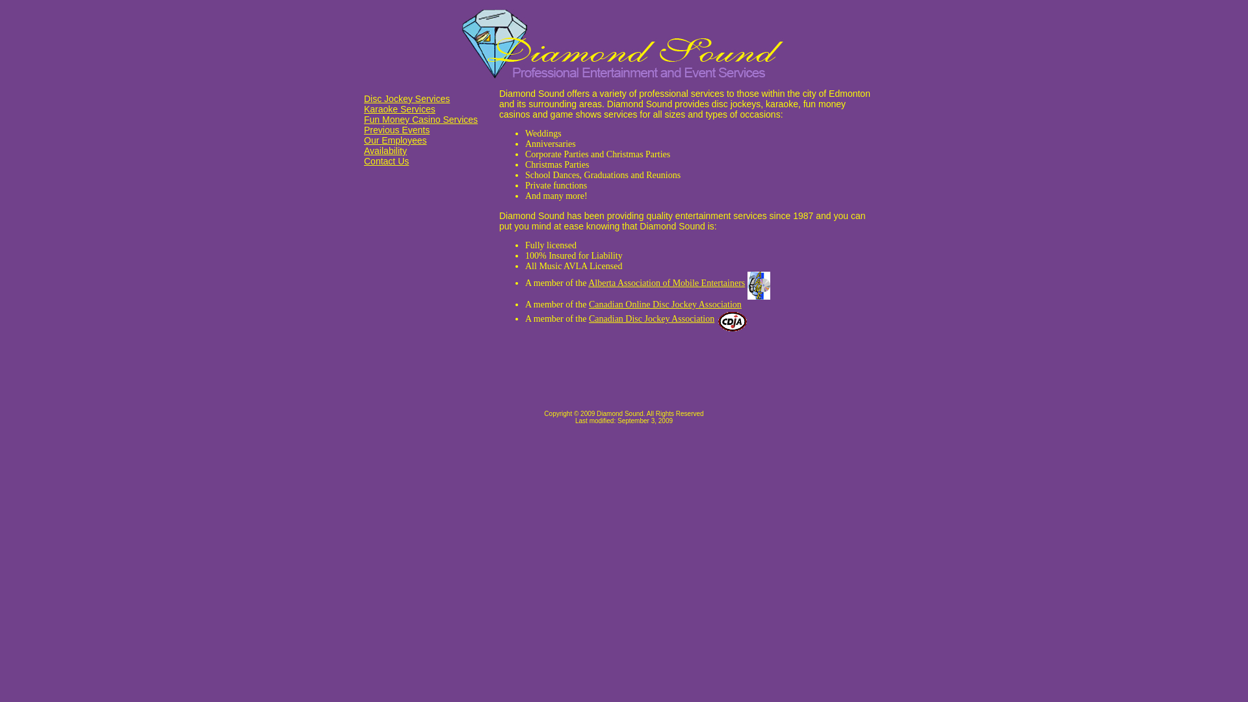 Image resolution: width=1248 pixels, height=702 pixels. I want to click on 'Fun Money Casino Services', so click(421, 120).